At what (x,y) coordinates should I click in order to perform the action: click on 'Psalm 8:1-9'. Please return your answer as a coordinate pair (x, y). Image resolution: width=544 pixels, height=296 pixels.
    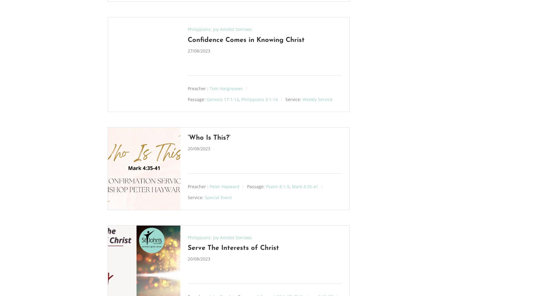
    Looking at the image, I should click on (277, 186).